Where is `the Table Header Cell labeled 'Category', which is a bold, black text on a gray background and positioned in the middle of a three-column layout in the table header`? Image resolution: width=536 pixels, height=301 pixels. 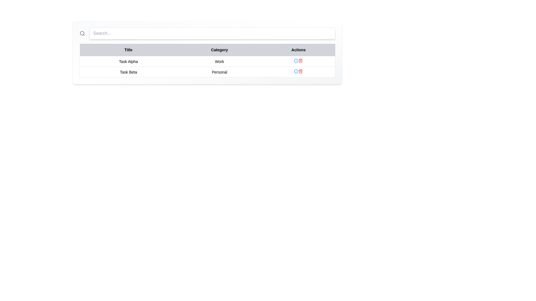
the Table Header Cell labeled 'Category', which is a bold, black text on a gray background and positioned in the middle of a three-column layout in the table header is located at coordinates (219, 50).